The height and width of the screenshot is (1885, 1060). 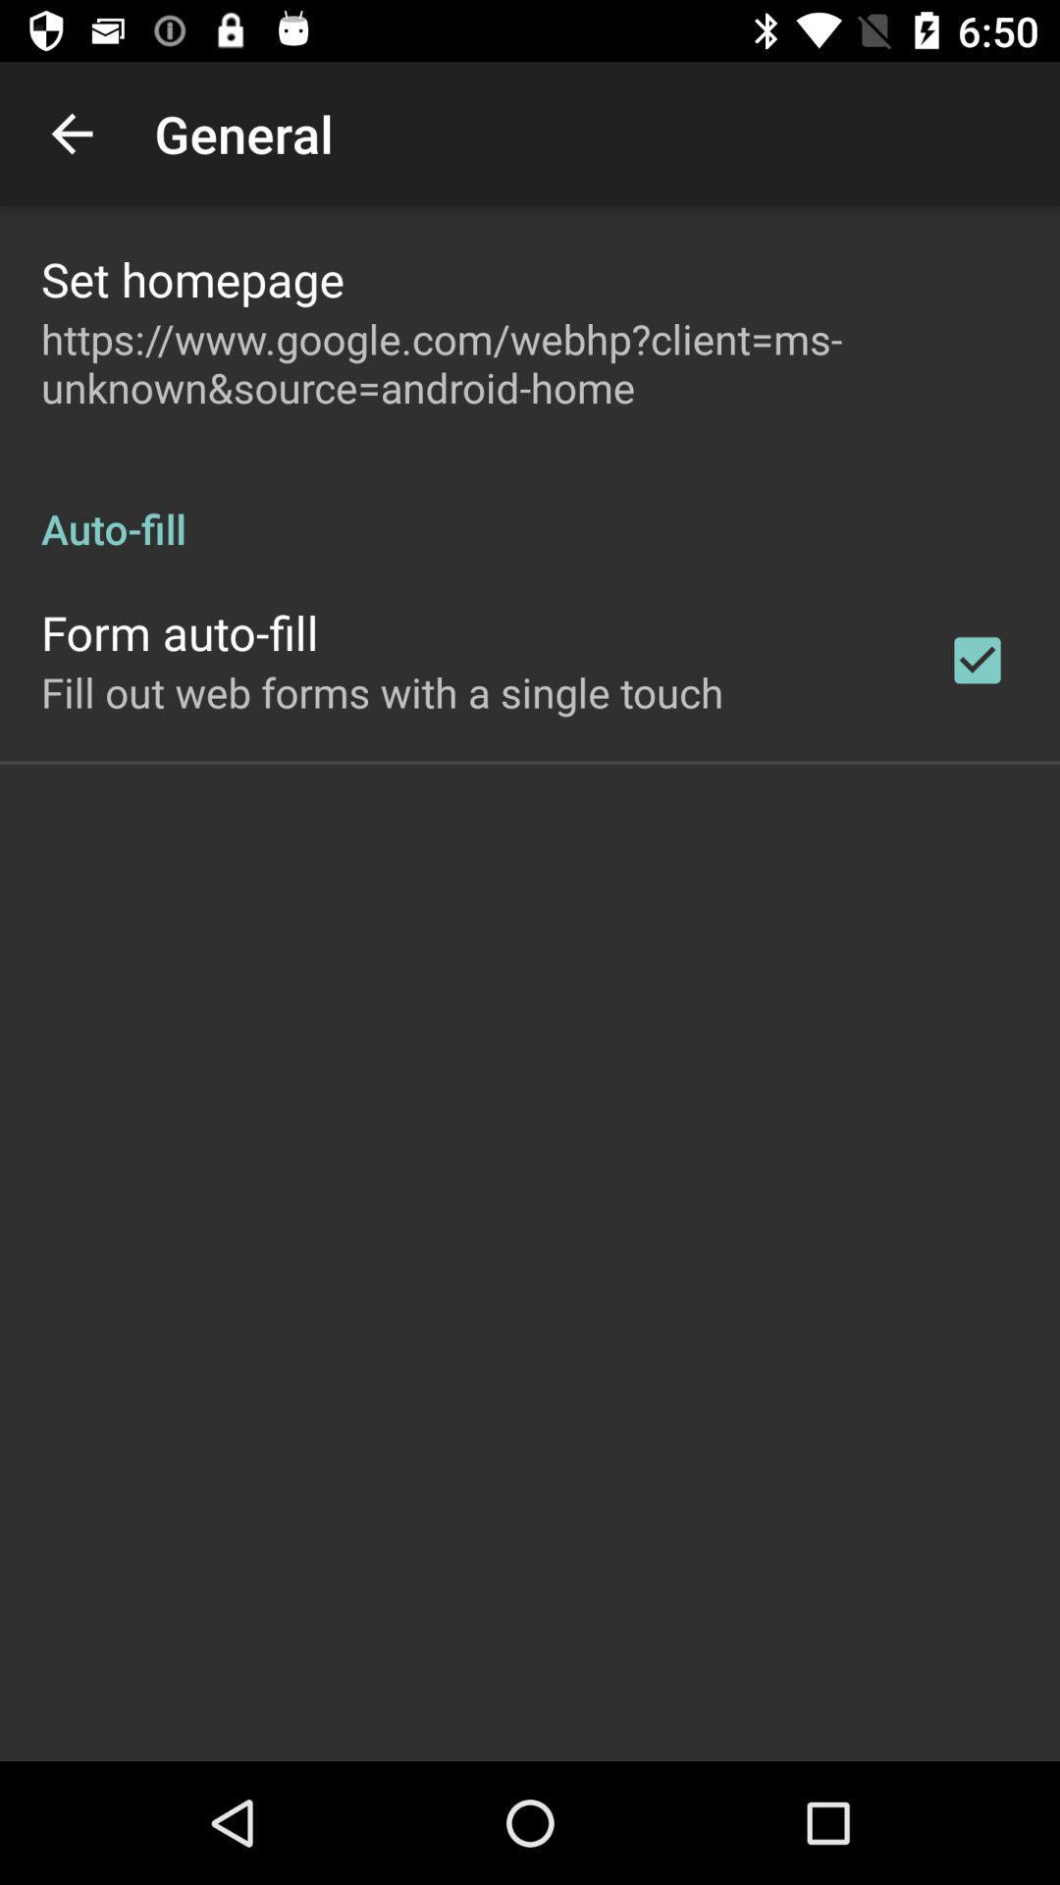 I want to click on set homepage app, so click(x=192, y=278).